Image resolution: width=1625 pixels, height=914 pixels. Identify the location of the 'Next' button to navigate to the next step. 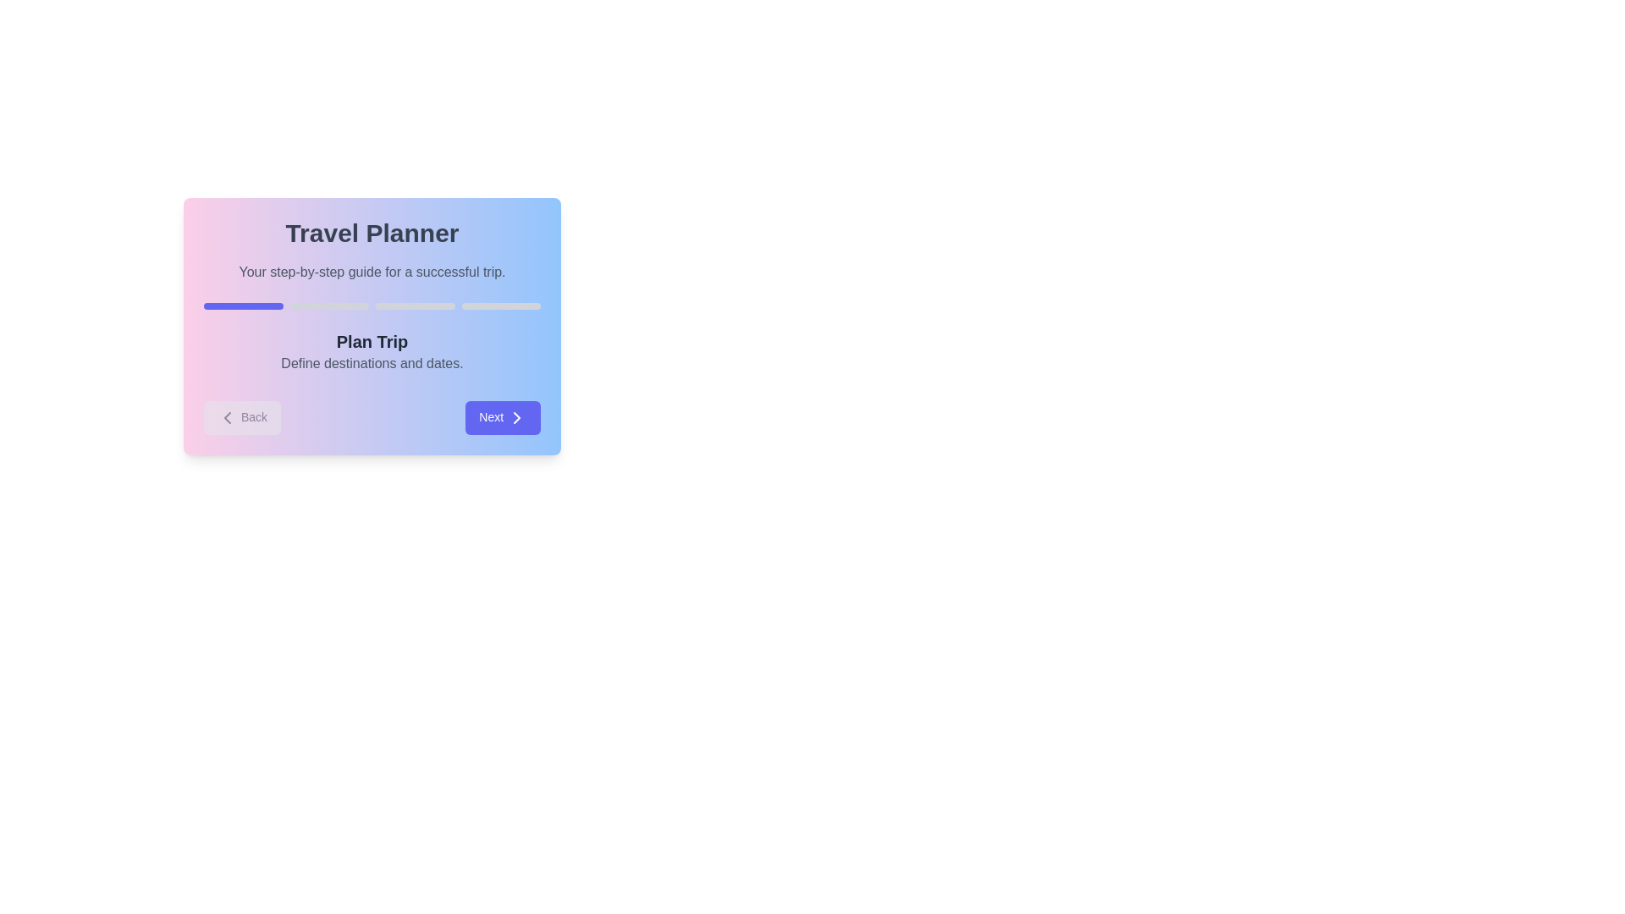
(502, 417).